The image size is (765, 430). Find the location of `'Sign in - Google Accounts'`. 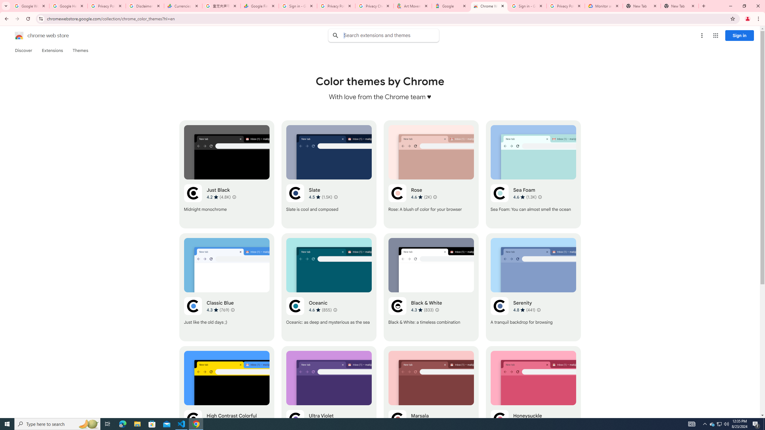

'Sign in - Google Accounts' is located at coordinates (527, 6).